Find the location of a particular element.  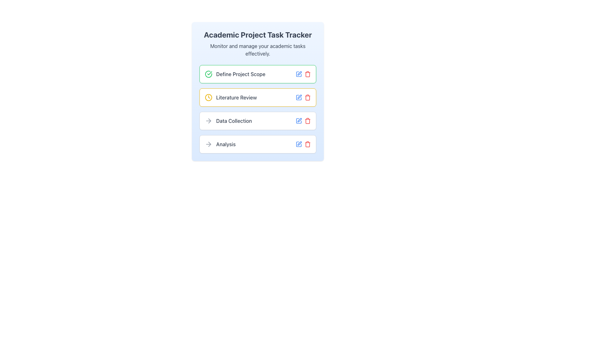

the 'Analysis' button with an arrow icon located at the bottom of the task card stack is located at coordinates (220, 144).